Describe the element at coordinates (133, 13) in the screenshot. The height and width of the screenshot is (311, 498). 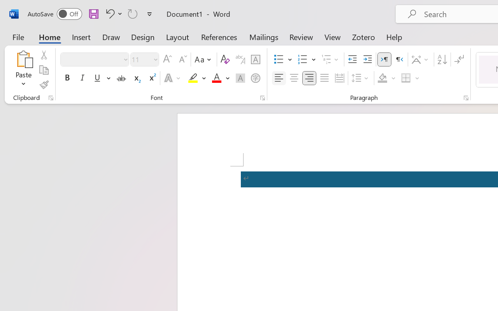
I see `'Repeat TCSCTranslate'` at that location.